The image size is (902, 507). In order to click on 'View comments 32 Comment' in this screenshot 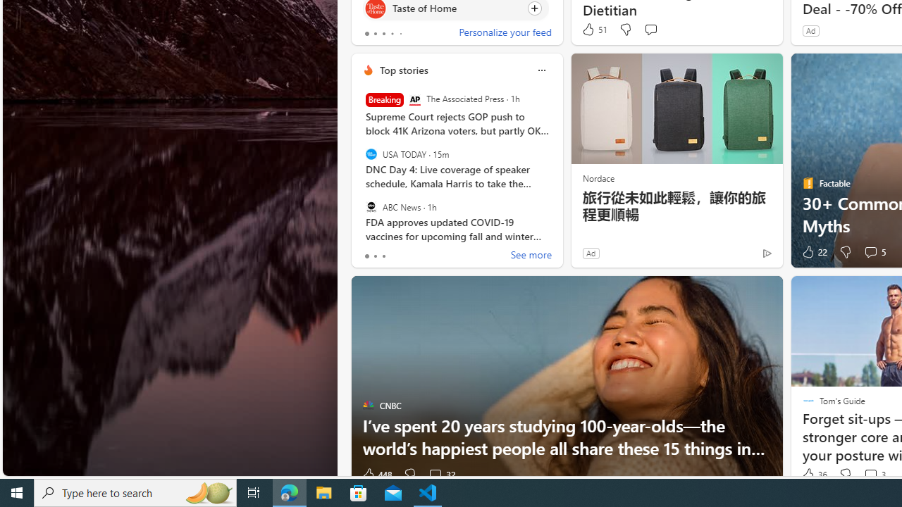, I will do `click(440, 475)`.